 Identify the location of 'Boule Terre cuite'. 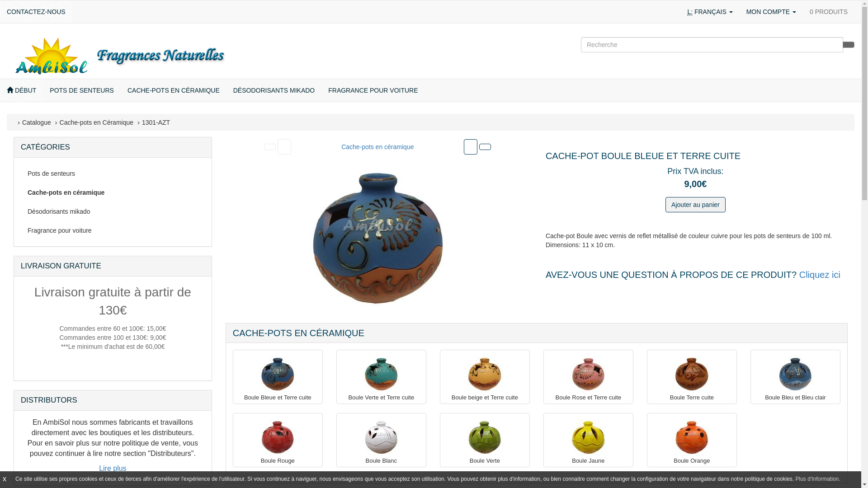
(691, 397).